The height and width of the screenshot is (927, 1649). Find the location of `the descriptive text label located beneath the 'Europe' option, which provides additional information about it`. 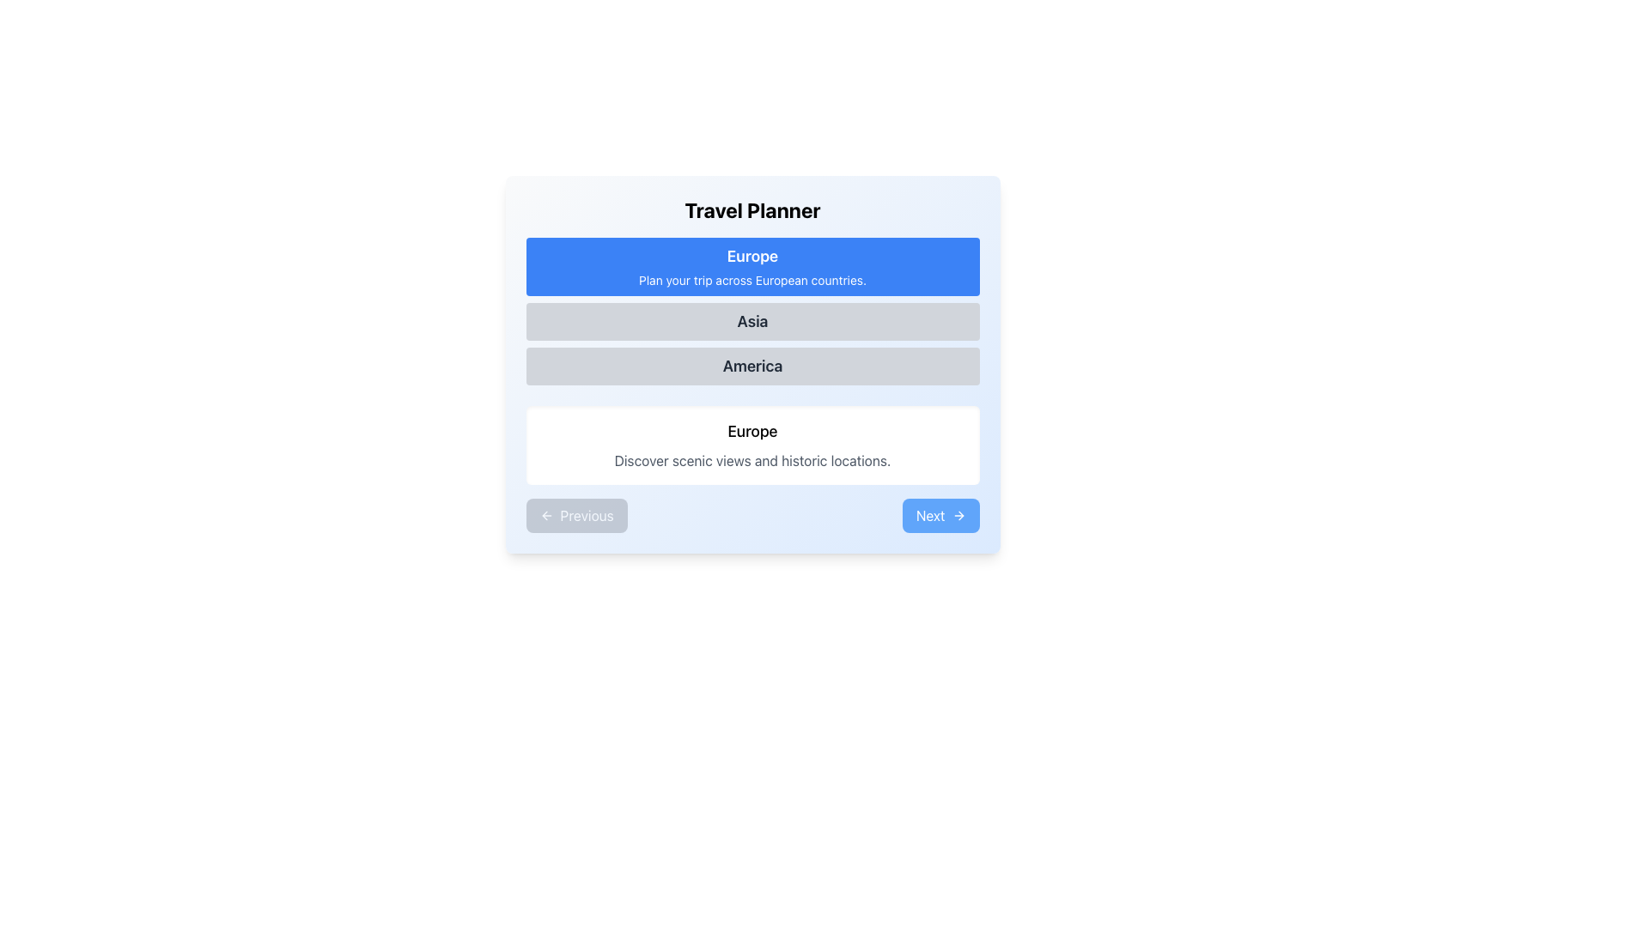

the descriptive text label located beneath the 'Europe' option, which provides additional information about it is located at coordinates (752, 280).